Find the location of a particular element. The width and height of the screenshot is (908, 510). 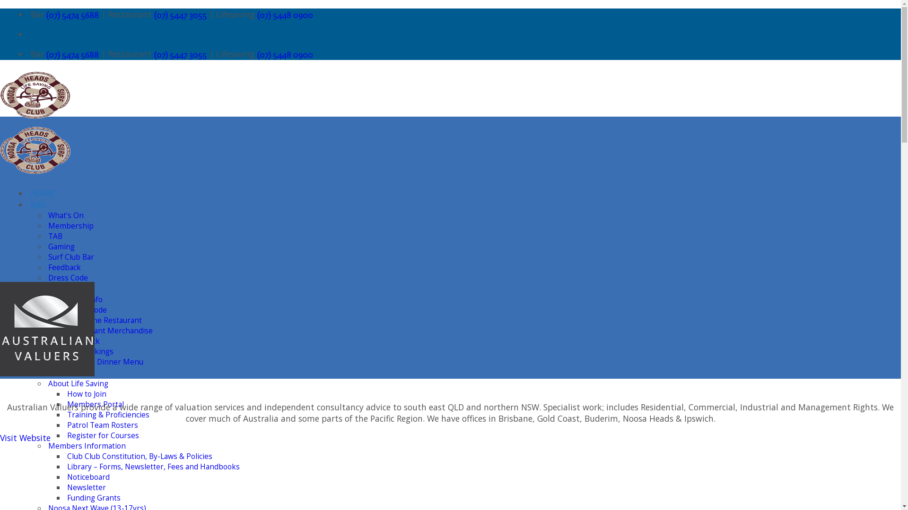

'Noosa Heads Surf Lifesaving Club - Come up and save a life' is located at coordinates (35, 145).